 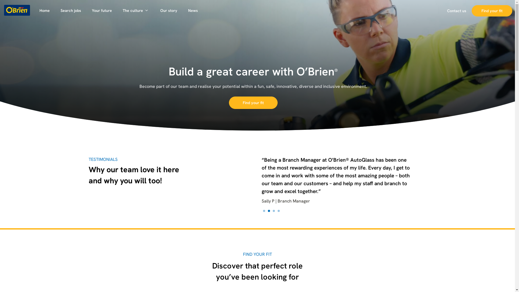 I want to click on '1', so click(x=264, y=210).